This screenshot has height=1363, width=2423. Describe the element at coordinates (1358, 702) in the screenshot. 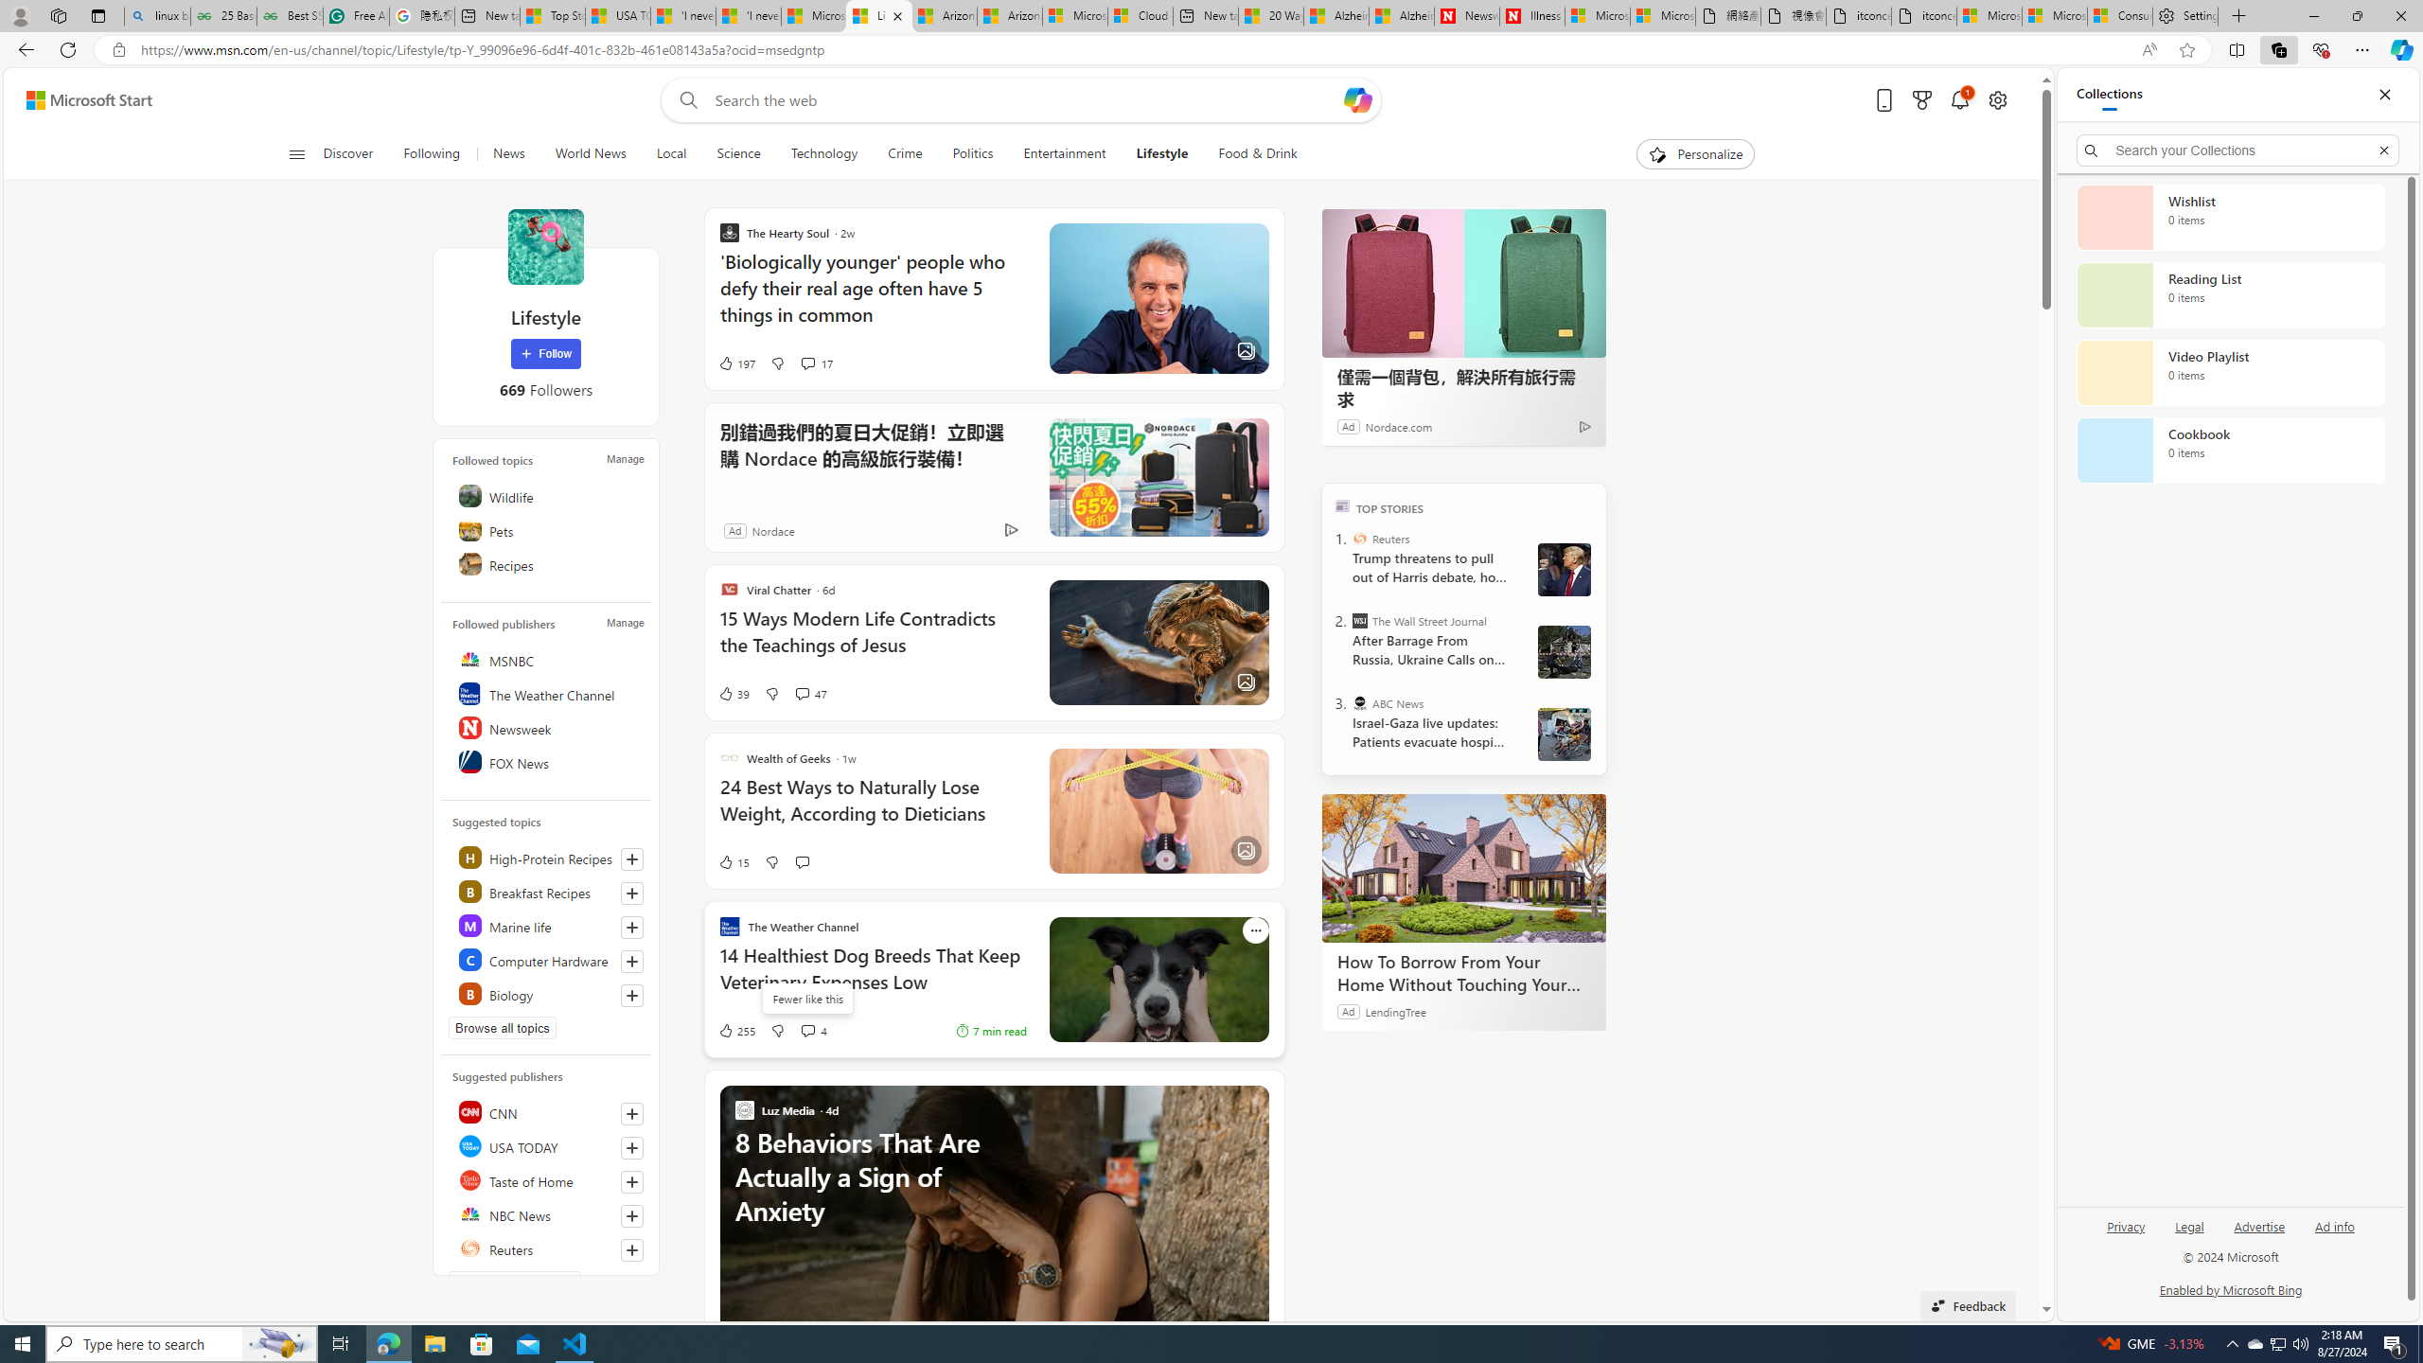

I see `'ABC News'` at that location.